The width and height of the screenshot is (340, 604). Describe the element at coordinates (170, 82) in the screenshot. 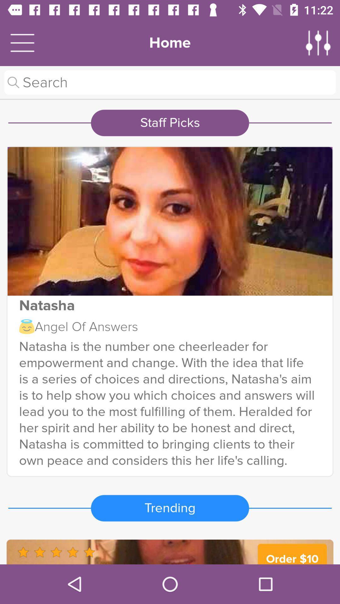

I see `search website` at that location.